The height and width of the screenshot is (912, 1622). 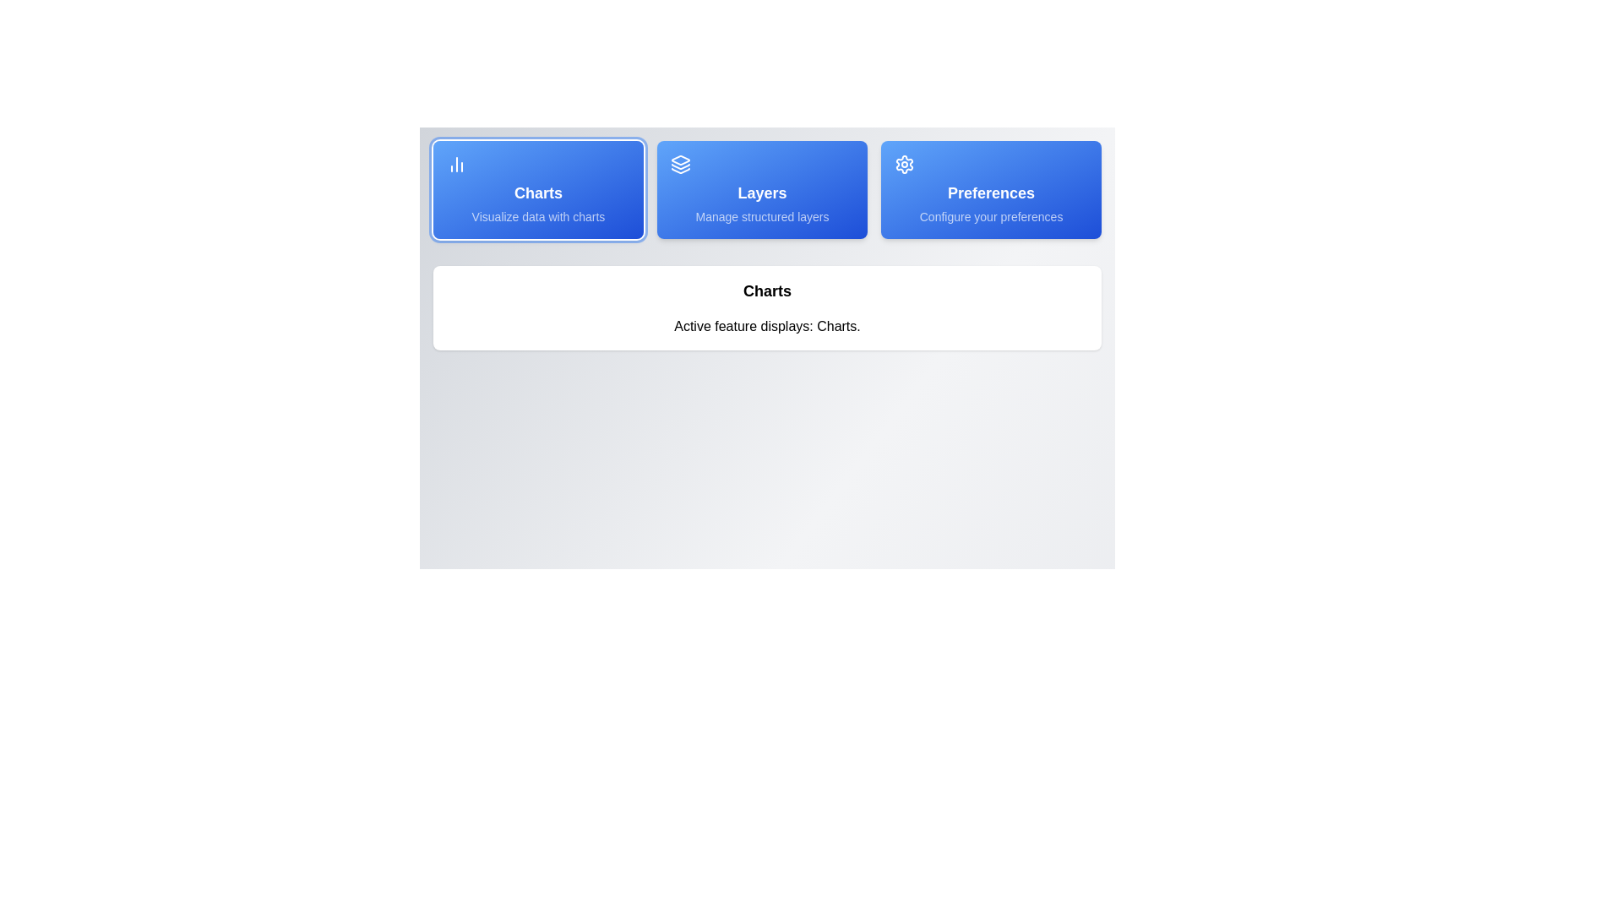 I want to click on the 'Layers' icon located, so click(x=681, y=165).